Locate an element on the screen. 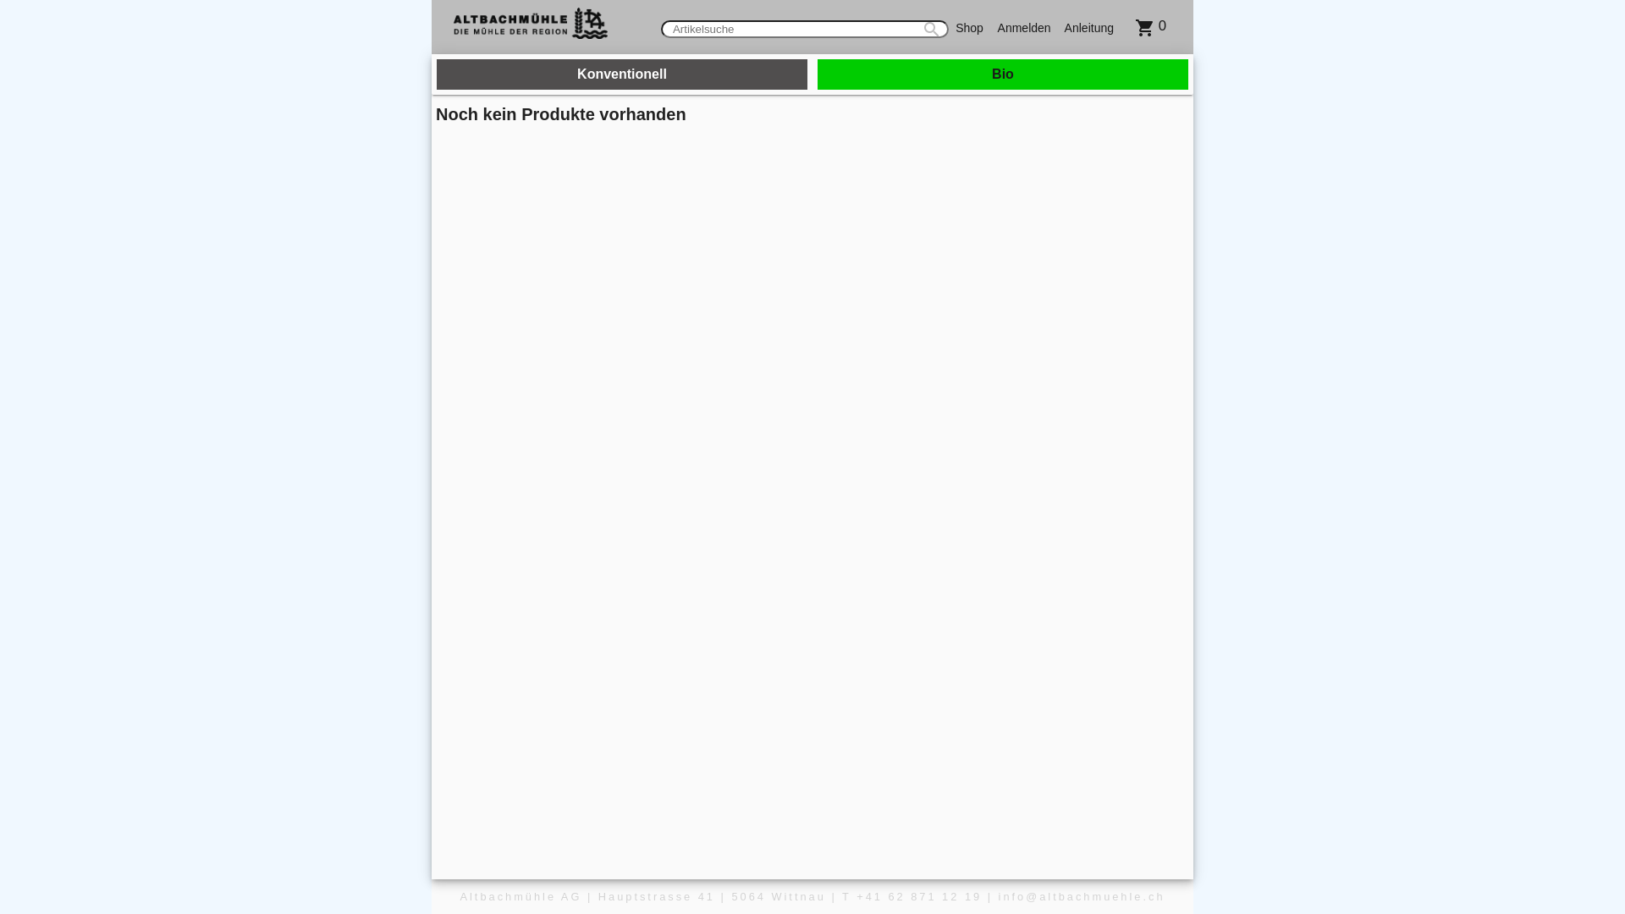  'Bio' is located at coordinates (1003, 74).